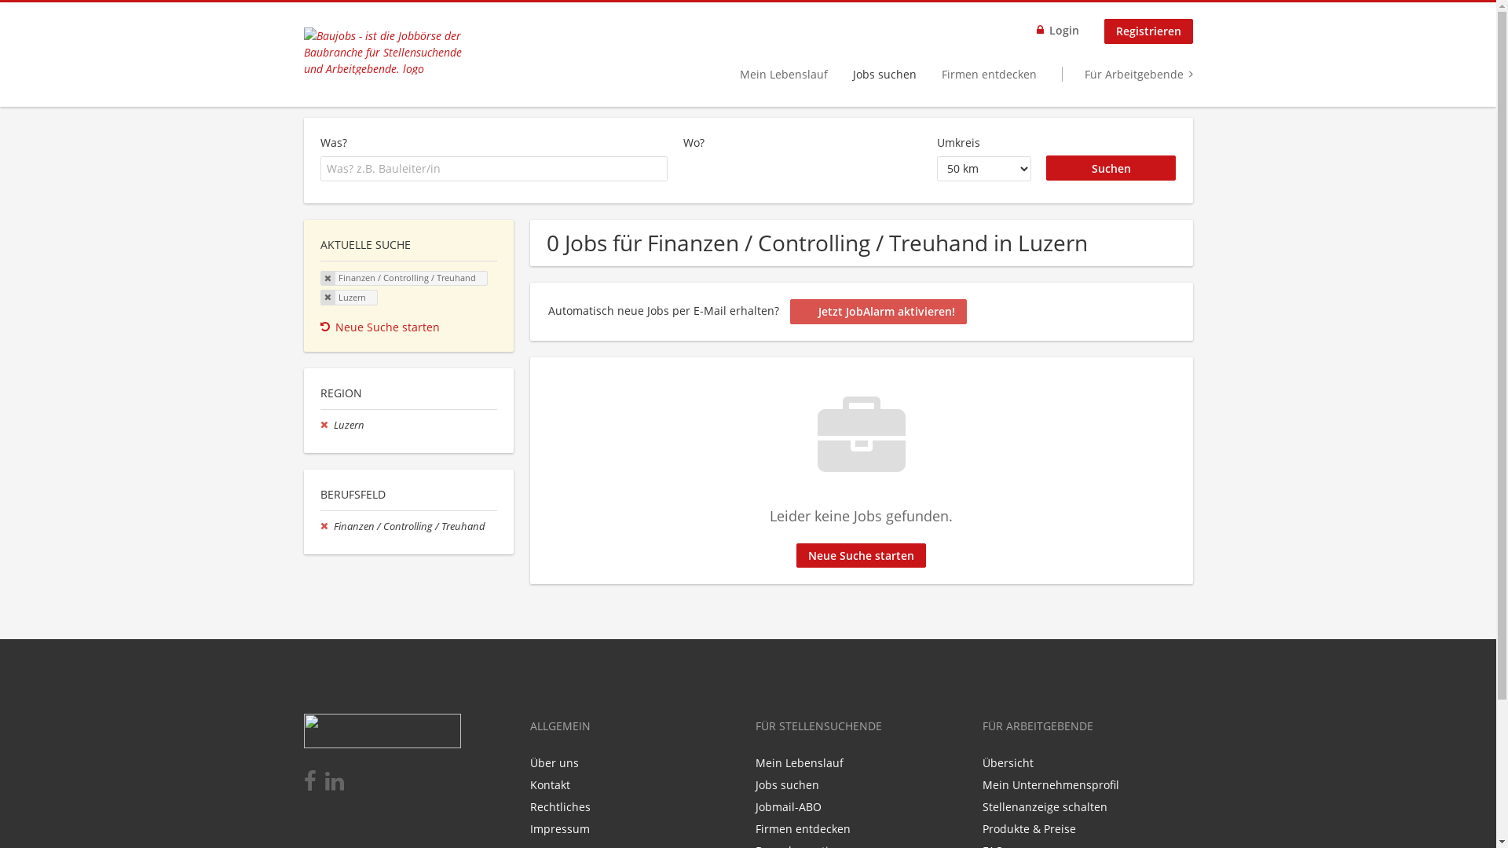 The width and height of the screenshot is (1508, 848). I want to click on 'Rechtliches', so click(559, 806).